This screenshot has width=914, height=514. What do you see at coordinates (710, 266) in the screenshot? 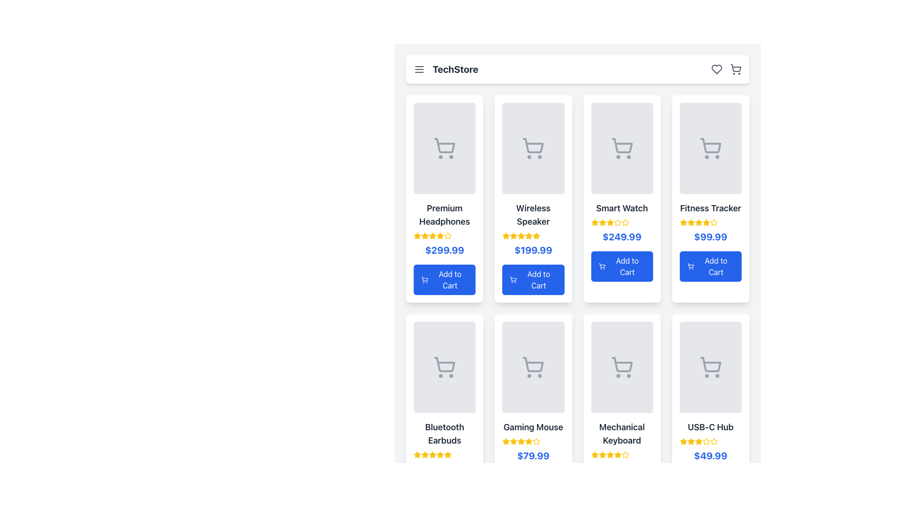
I see `the 'Add to Cart' button, which is a rectangular button with a blue background and white text, located at the bottom of the 'Fitness Tracker' product card` at bounding box center [710, 266].